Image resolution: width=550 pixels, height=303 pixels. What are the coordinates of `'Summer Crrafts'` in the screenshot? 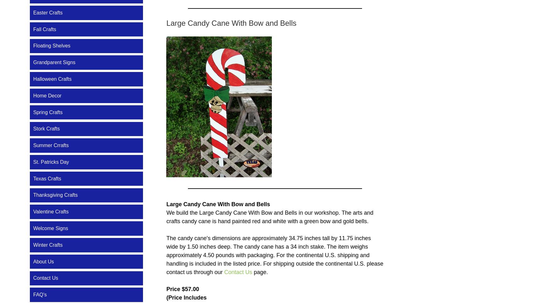 It's located at (50, 145).